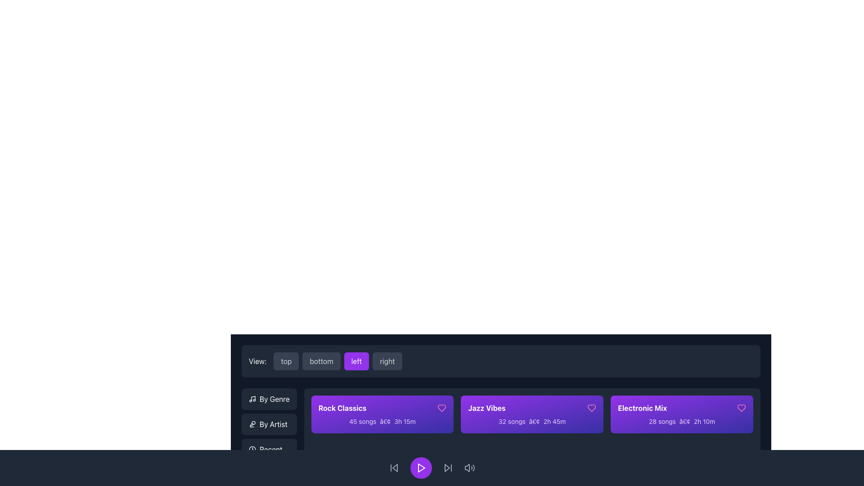  Describe the element at coordinates (448, 468) in the screenshot. I see `the skip forward button located to the right of the purple play button and to the left of the volume control icon in the control bar at the bottom of the interface to skip to the next track` at that location.